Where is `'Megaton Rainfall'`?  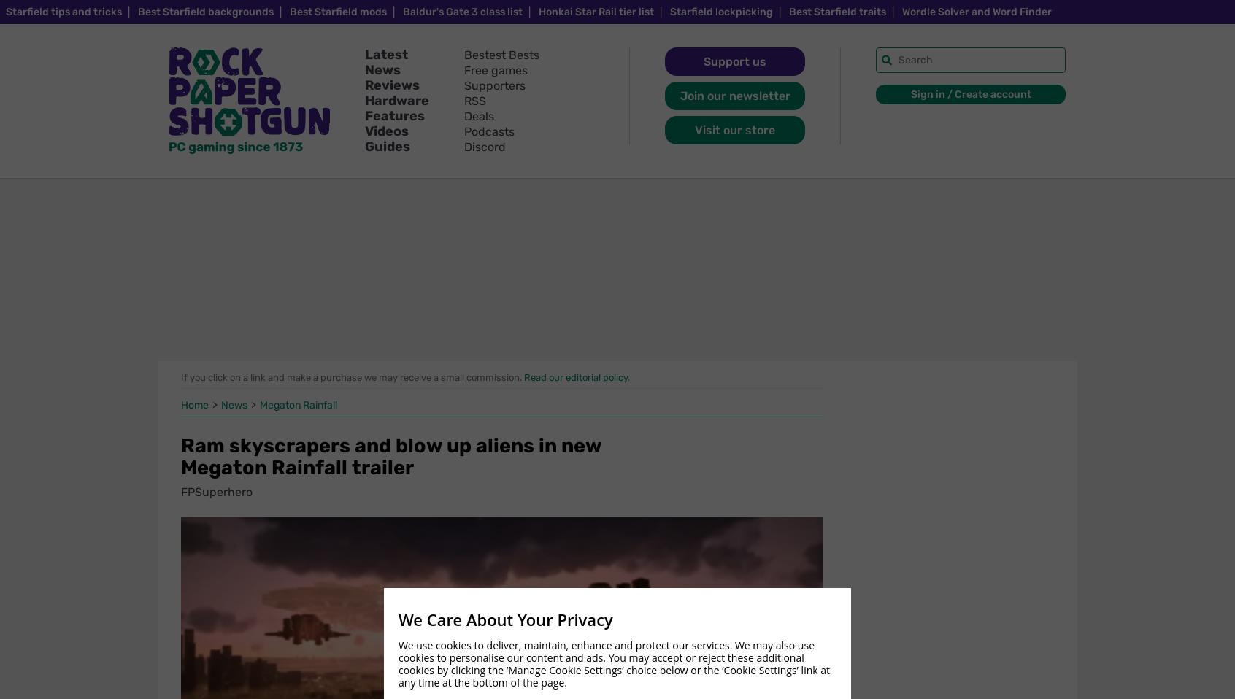 'Megaton Rainfall' is located at coordinates (298, 404).